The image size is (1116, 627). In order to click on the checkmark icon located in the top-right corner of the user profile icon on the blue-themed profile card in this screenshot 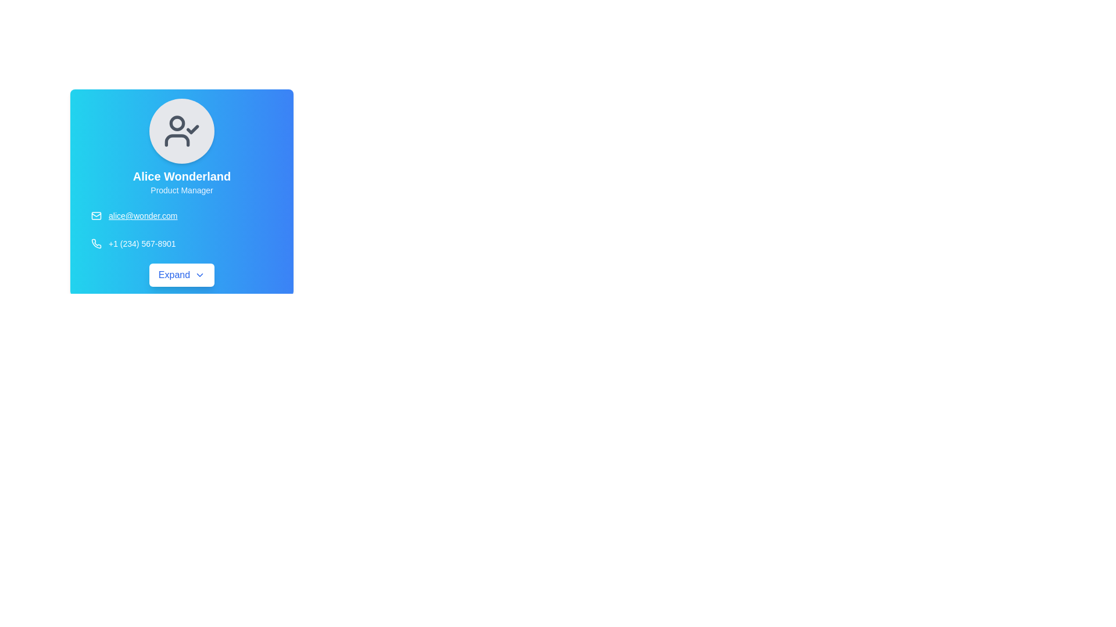, I will do `click(192, 129)`.